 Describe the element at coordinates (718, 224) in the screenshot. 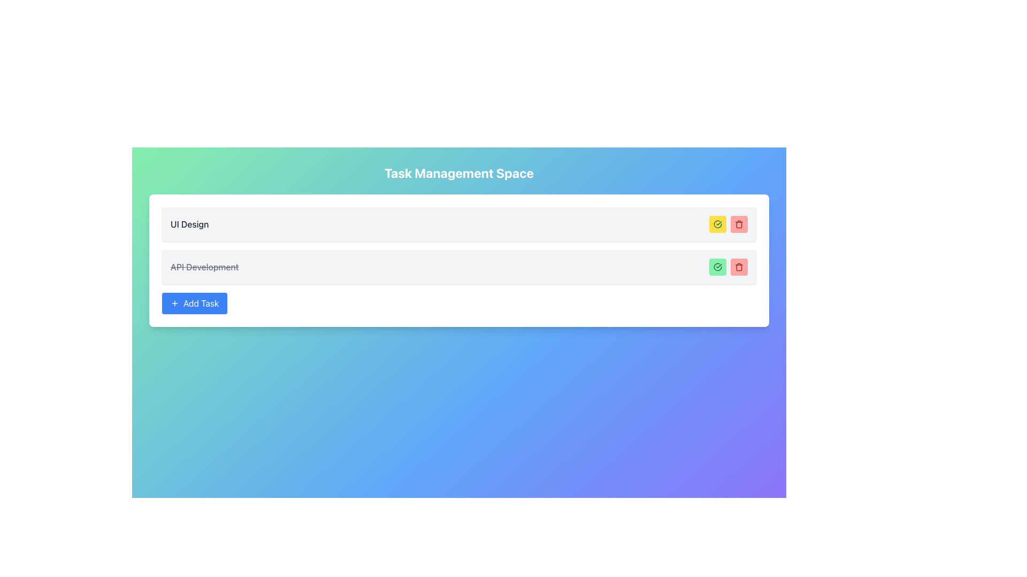

I see `the circular green icon with a tick in the center, located next to the 'UI Design' text entry, indicating task completion` at that location.